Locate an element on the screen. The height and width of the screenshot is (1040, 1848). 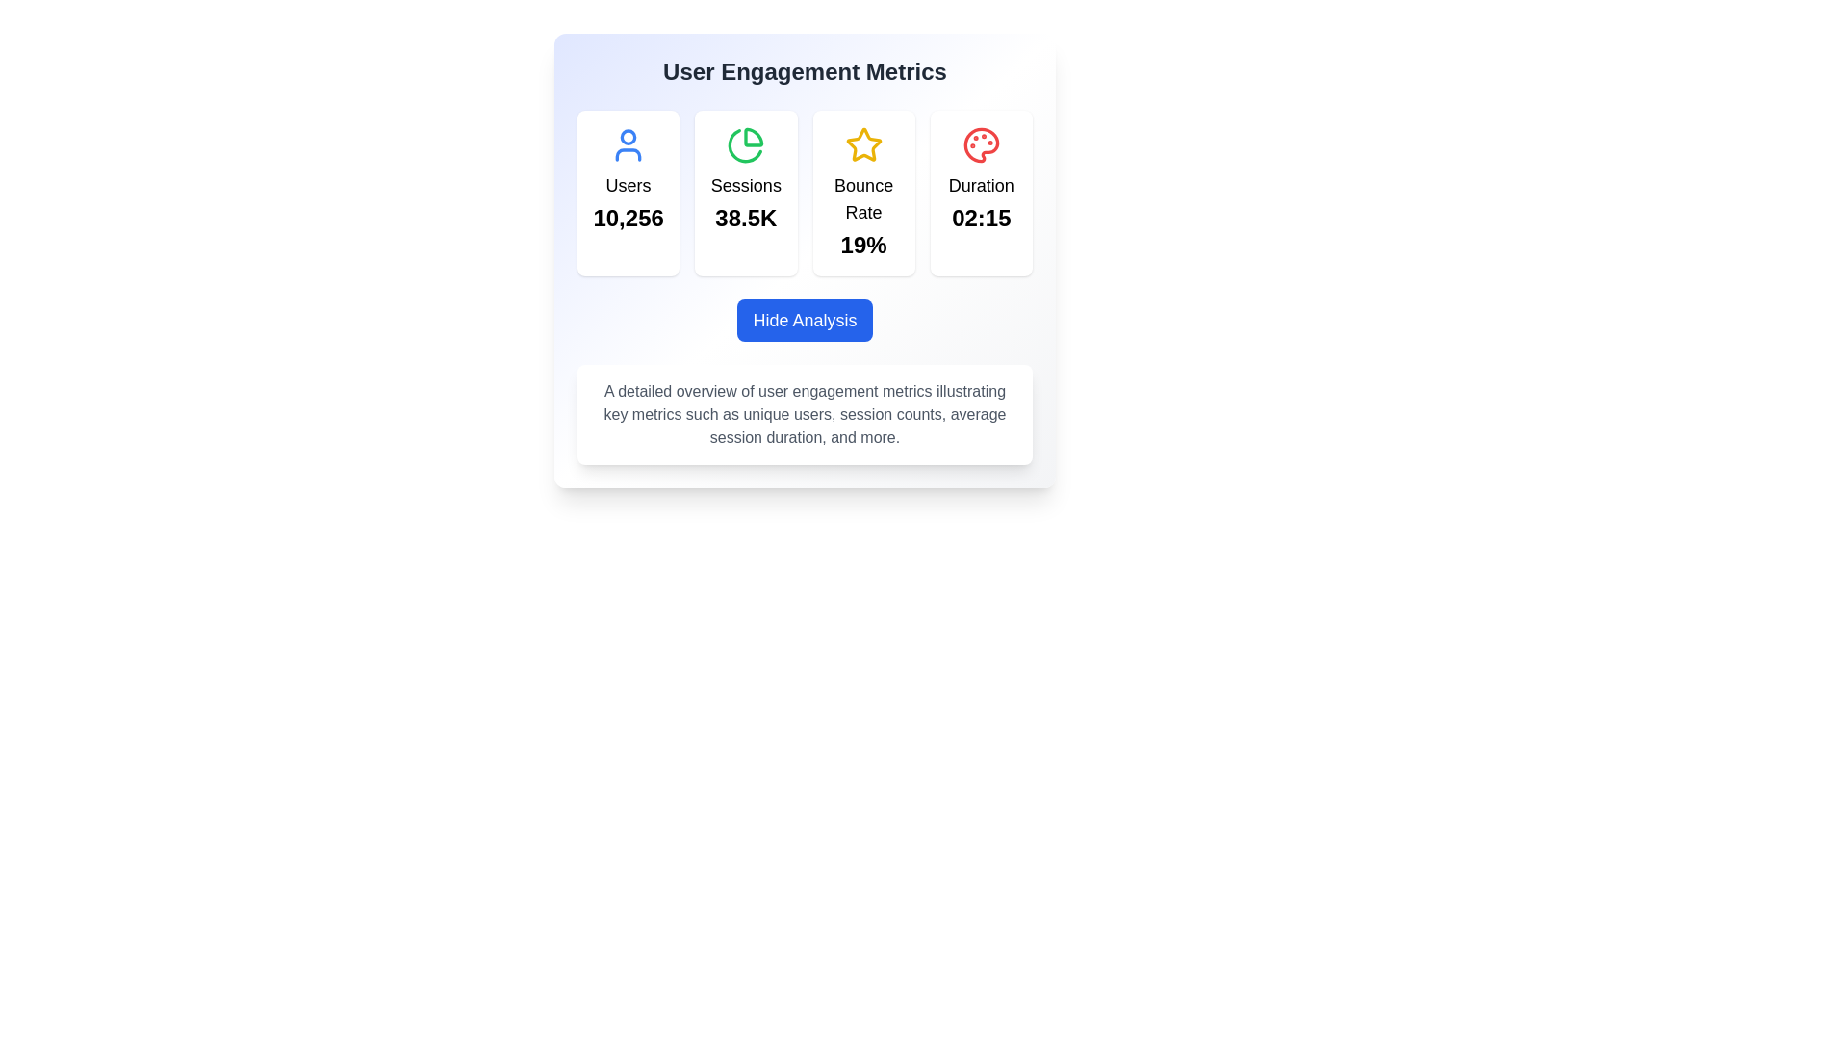
the Informational card that serves as an indicator of duration, positioned as the fourth card in a horizontal grid layout, located to the right of the 'Bounce Rate' card is located at coordinates (981, 193).